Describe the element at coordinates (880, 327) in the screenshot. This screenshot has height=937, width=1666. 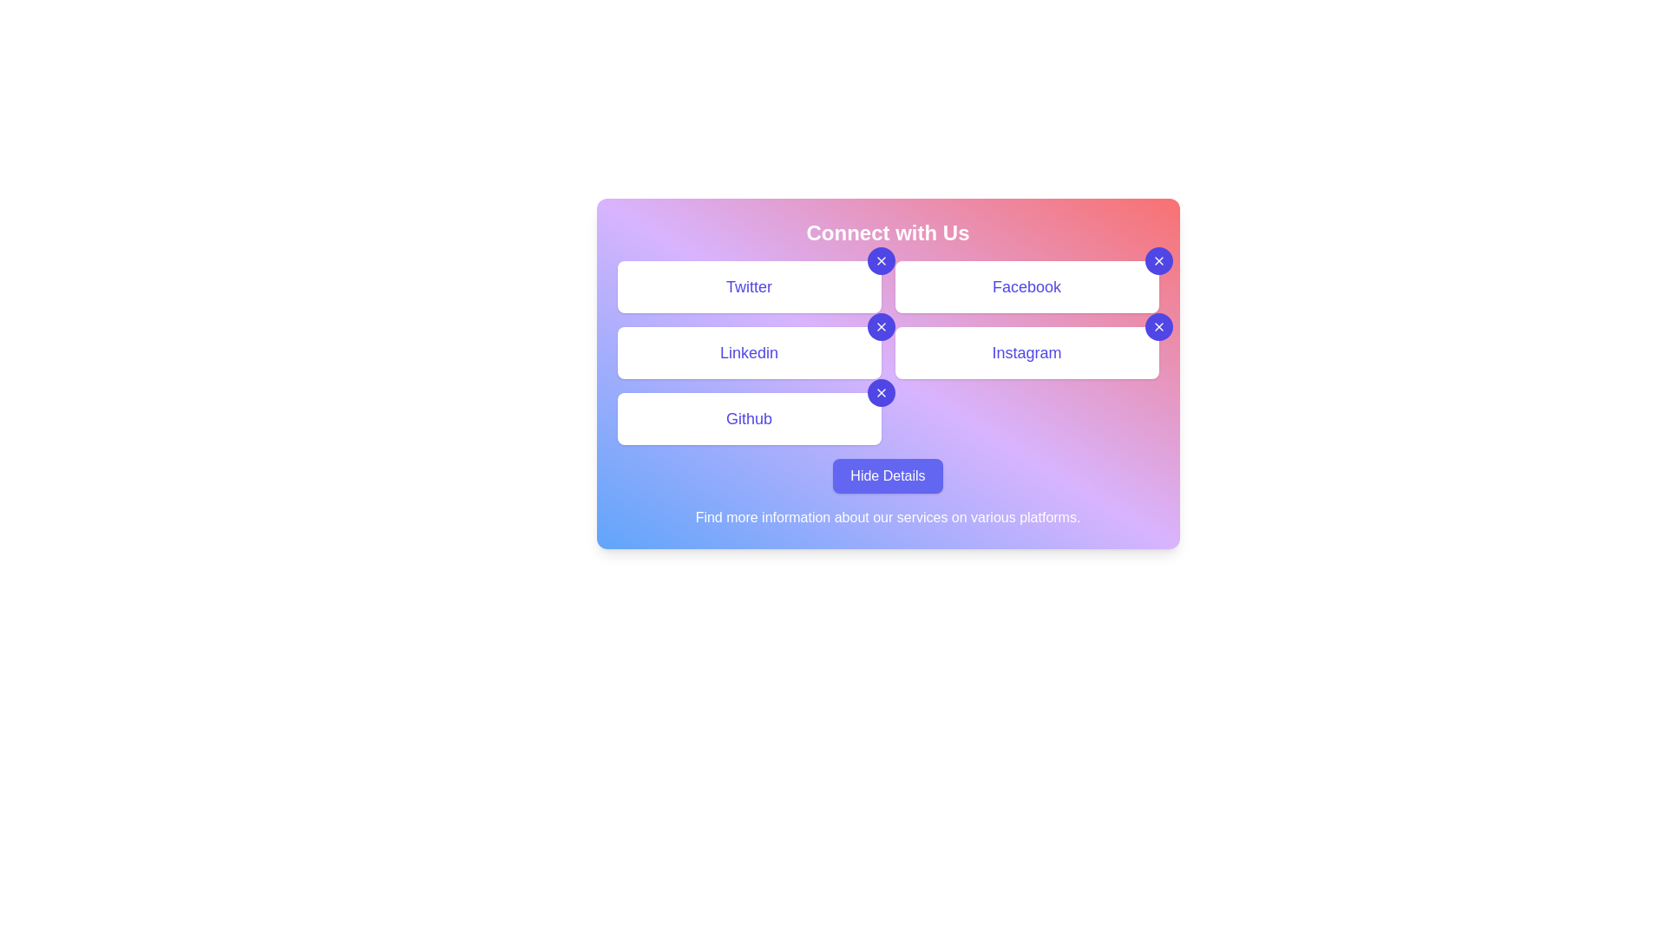
I see `the circular purple button with a white 'X' icon located at the top-right corner of the 'Linkedin' card` at that location.